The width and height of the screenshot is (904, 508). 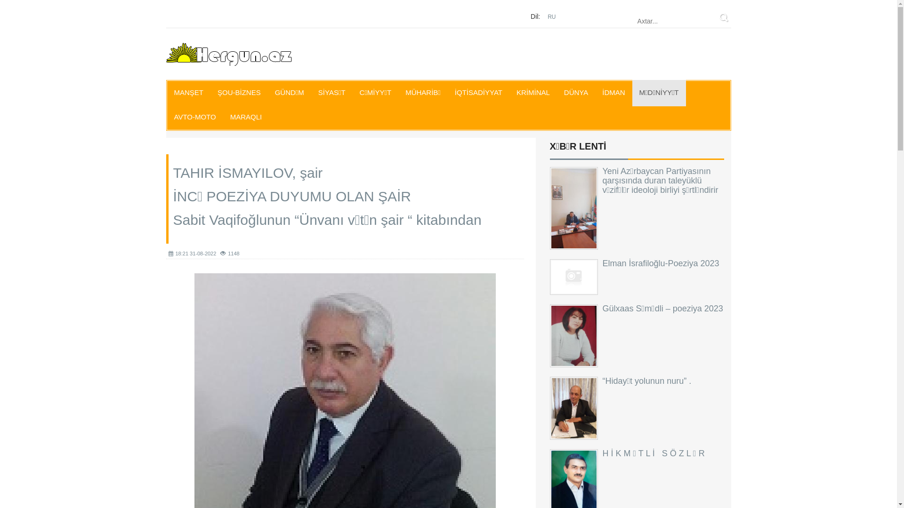 I want to click on 'AVTO-MOTO', so click(x=194, y=117).